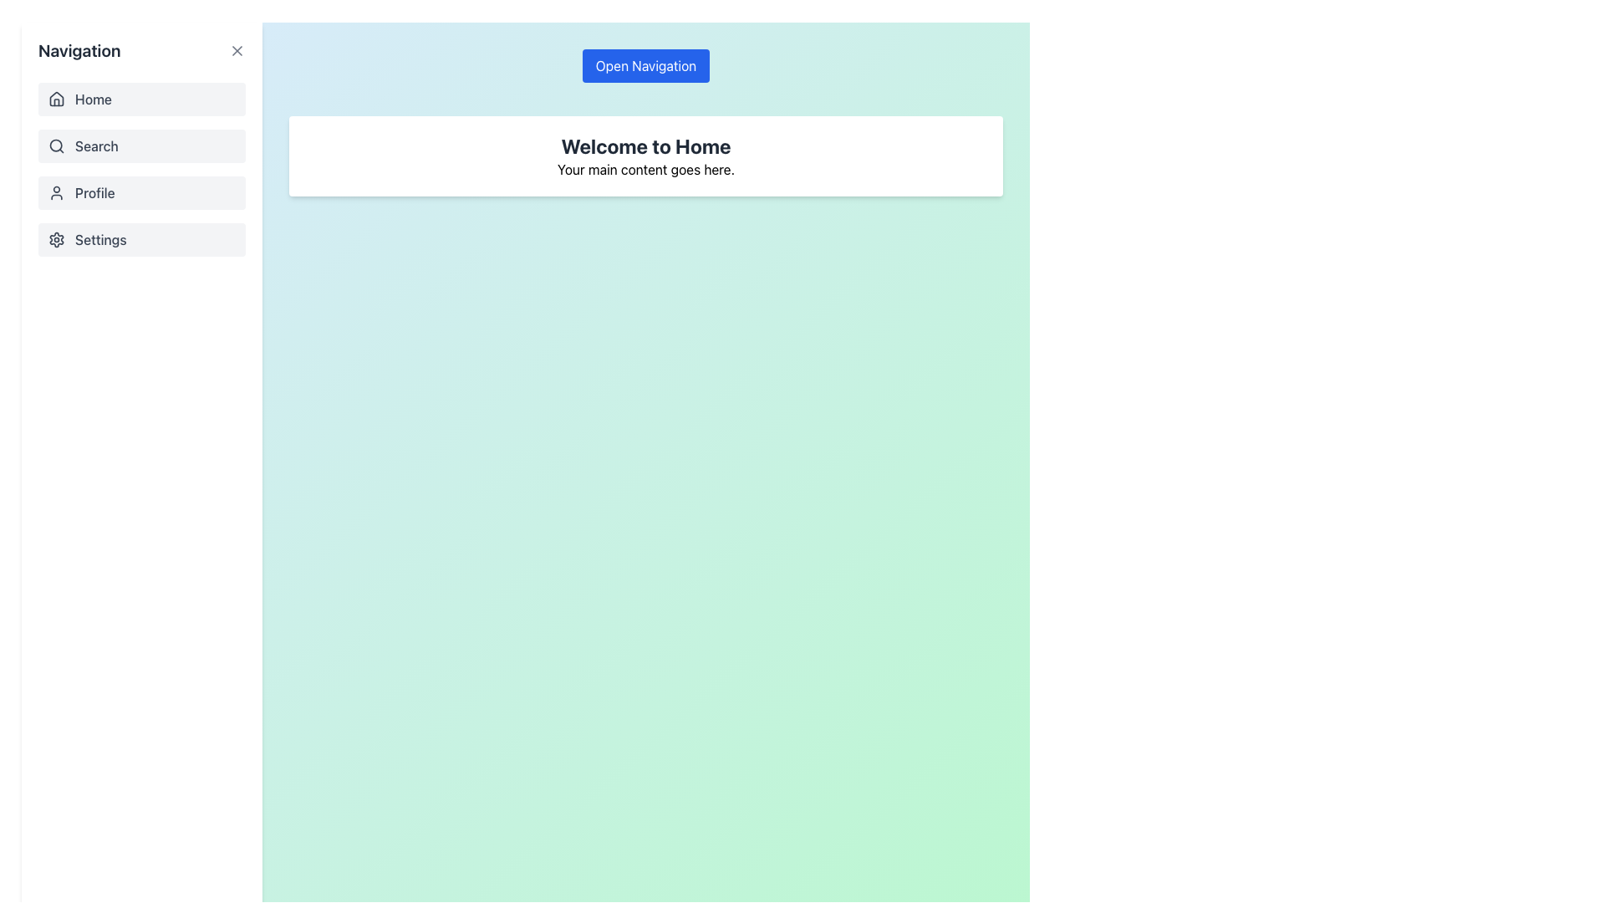  Describe the element at coordinates (141, 99) in the screenshot. I see `the navigation button located at the top of the left-side panel to redirect to the Home section of the application` at that location.